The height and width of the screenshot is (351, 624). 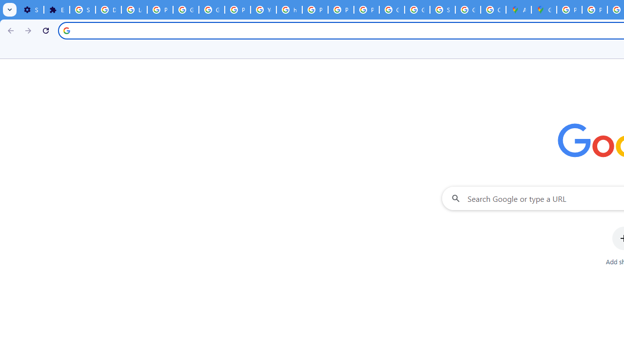 What do you see at coordinates (31, 10) in the screenshot?
I see `'Settings - On startup'` at bounding box center [31, 10].